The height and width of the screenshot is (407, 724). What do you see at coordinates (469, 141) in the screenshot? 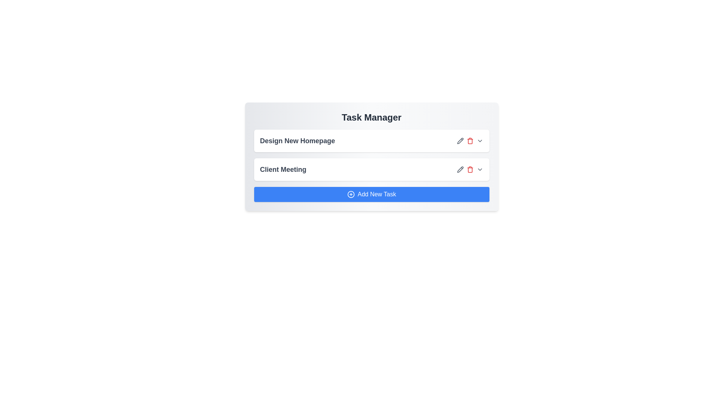
I see `the delete button for the task titled 'Design New Homepage'` at bounding box center [469, 141].